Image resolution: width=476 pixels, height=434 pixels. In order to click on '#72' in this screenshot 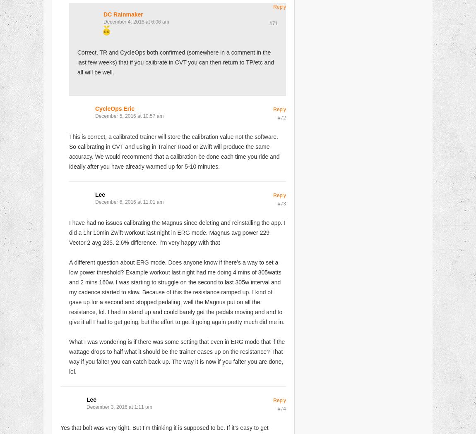, I will do `click(281, 117)`.